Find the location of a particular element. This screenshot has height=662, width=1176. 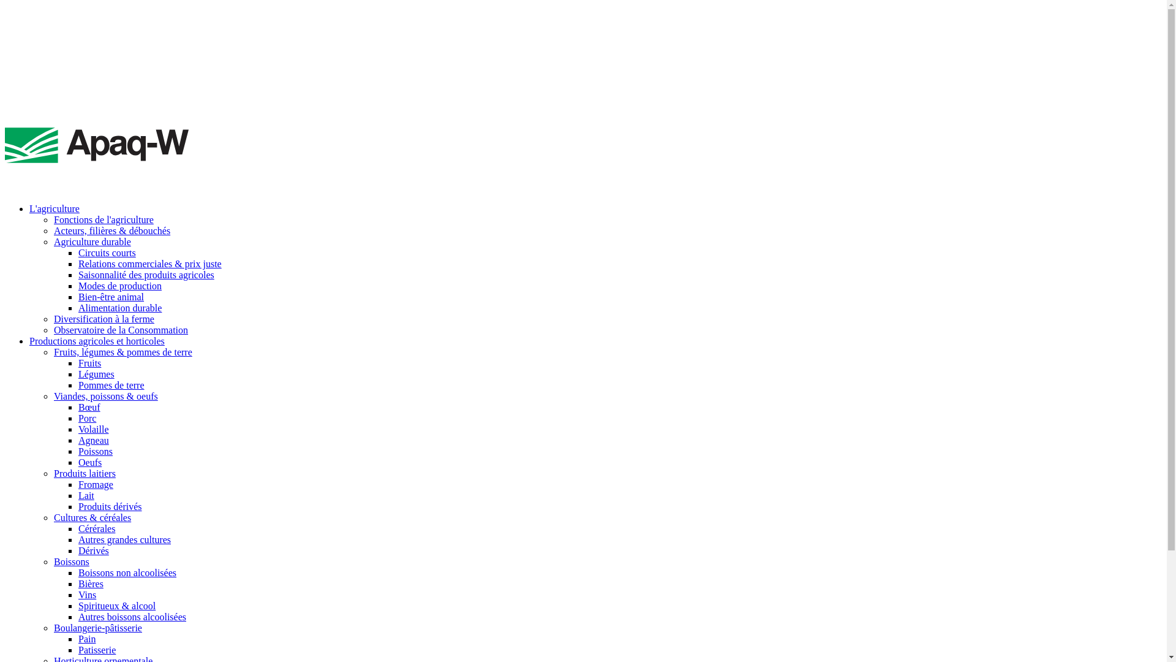

'Volaille' is located at coordinates (92, 428).